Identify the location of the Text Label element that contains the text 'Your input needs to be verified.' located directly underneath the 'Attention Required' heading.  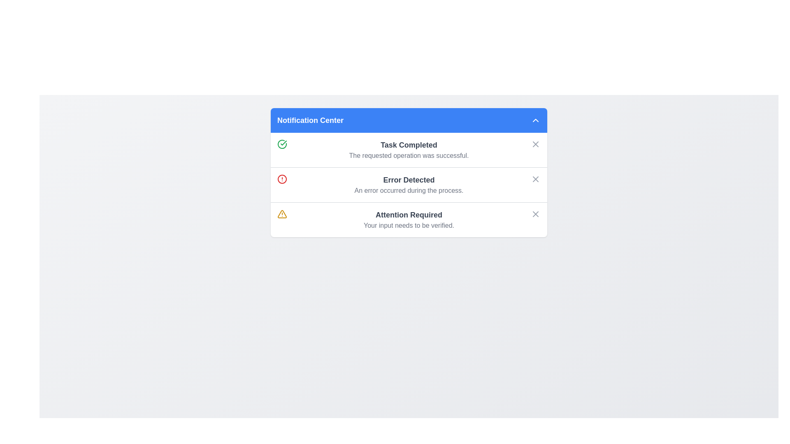
(409, 225).